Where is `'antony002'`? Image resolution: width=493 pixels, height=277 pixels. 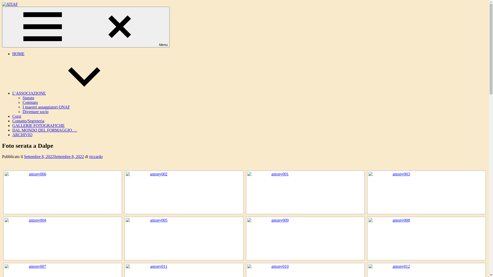 'antony002' is located at coordinates (156, 192).